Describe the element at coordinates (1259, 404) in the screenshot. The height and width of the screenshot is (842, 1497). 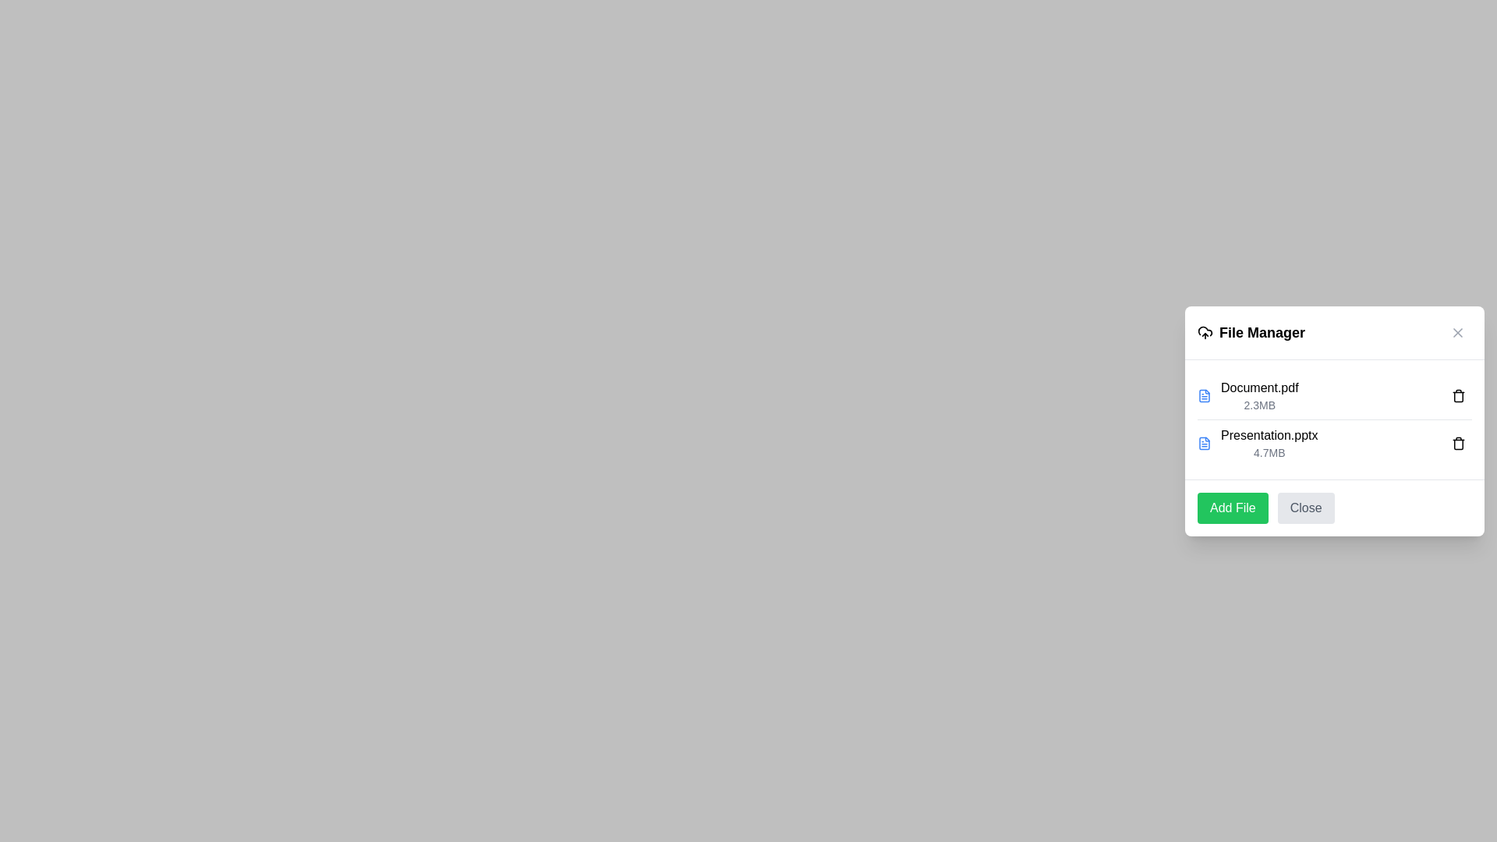
I see `the text label that indicates the file size for 'Document.pdf' in the file manager UI, located directly below the item` at that location.